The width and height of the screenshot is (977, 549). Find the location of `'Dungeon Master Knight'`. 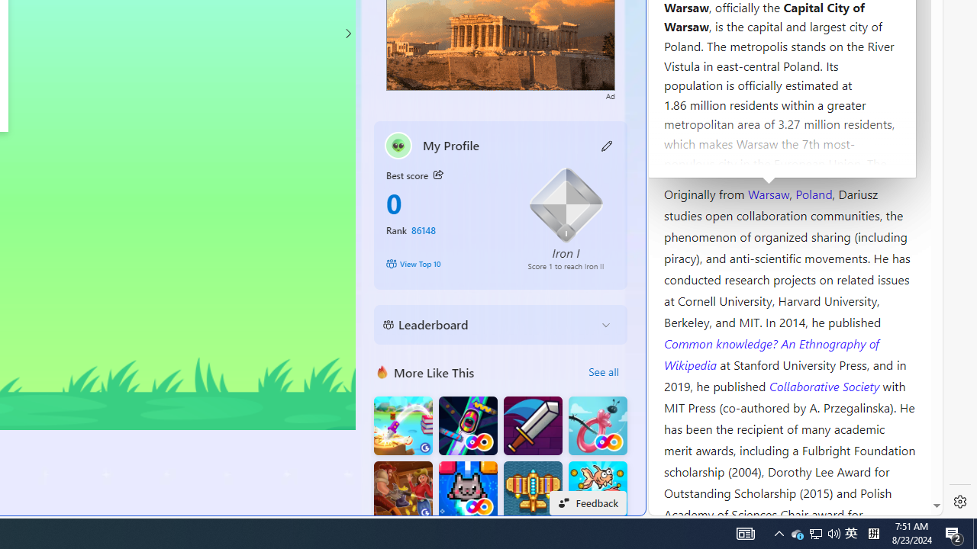

'Dungeon Master Knight' is located at coordinates (533, 425).